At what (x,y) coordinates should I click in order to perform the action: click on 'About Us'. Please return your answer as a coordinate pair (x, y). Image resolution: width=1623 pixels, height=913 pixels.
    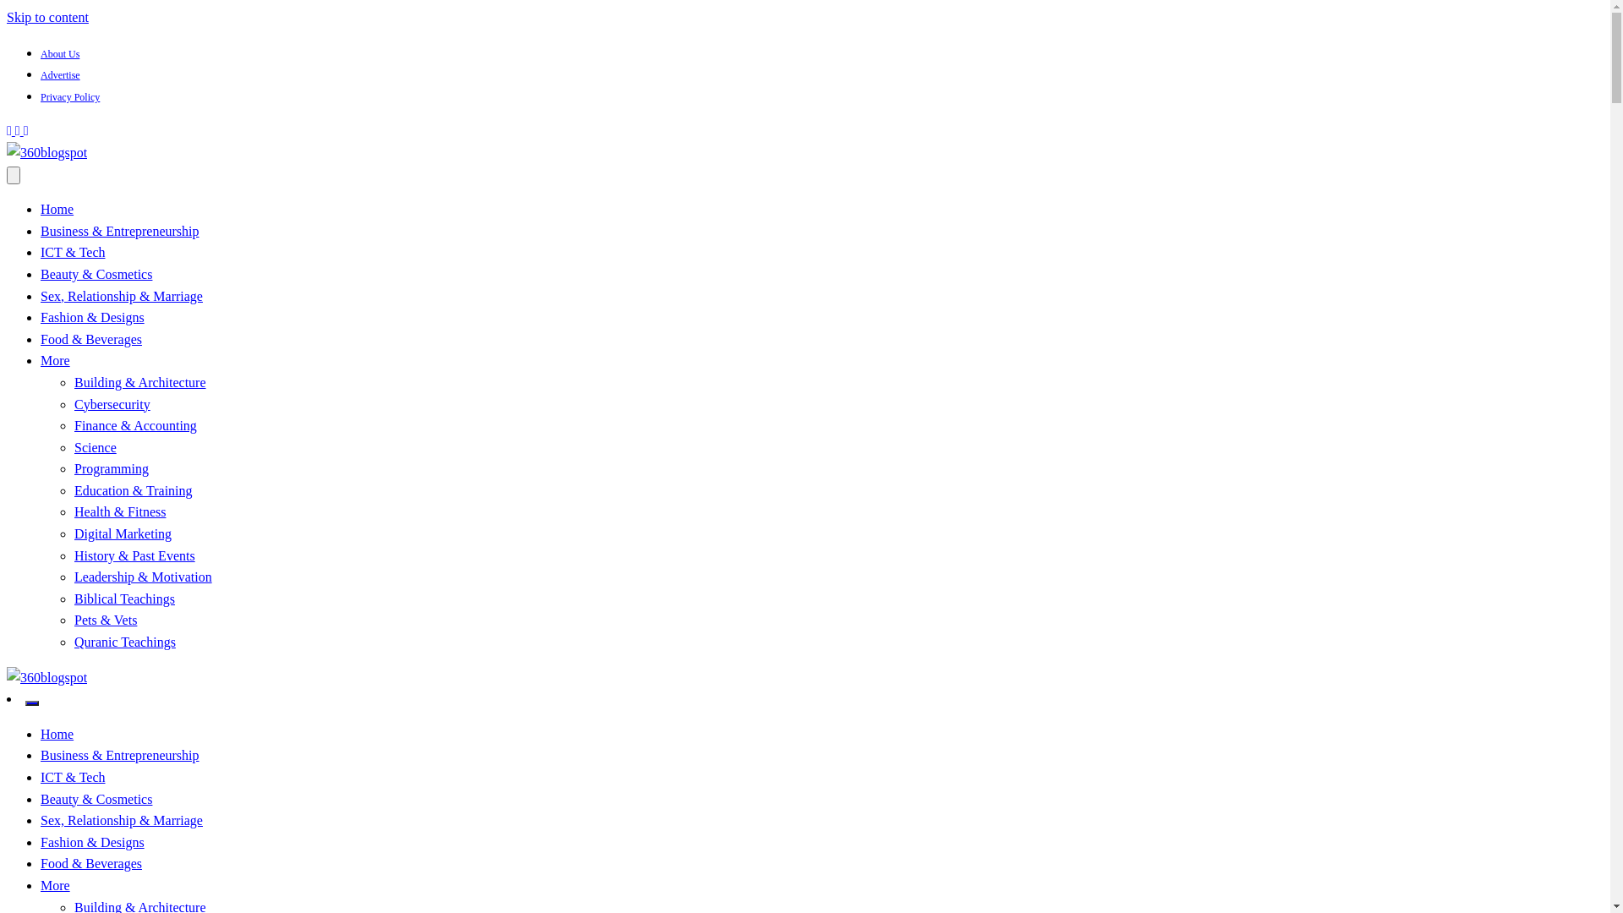
    Looking at the image, I should click on (60, 53).